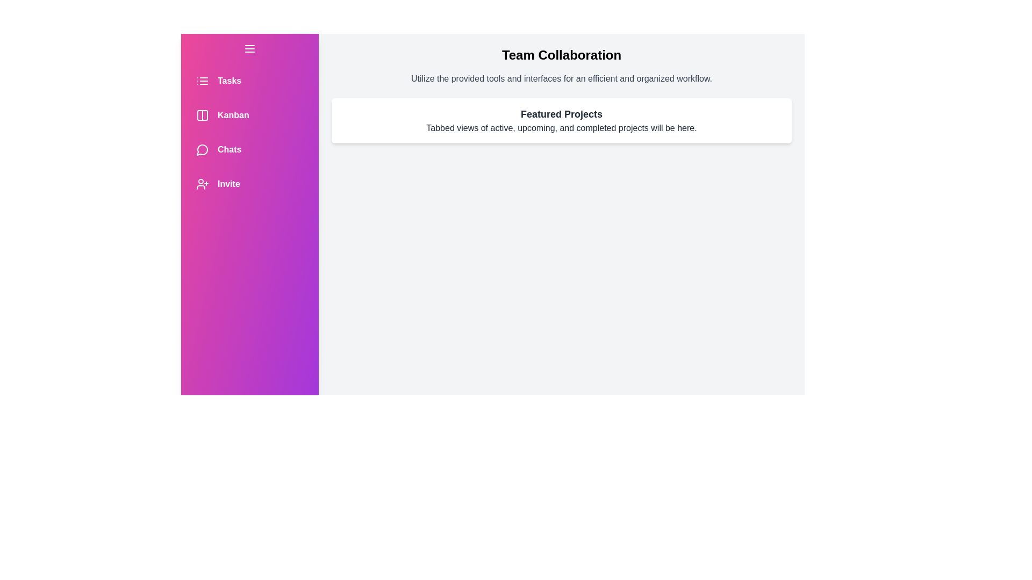  Describe the element at coordinates (249, 115) in the screenshot. I see `the navigation item Kanban to trigger its hover effect` at that location.